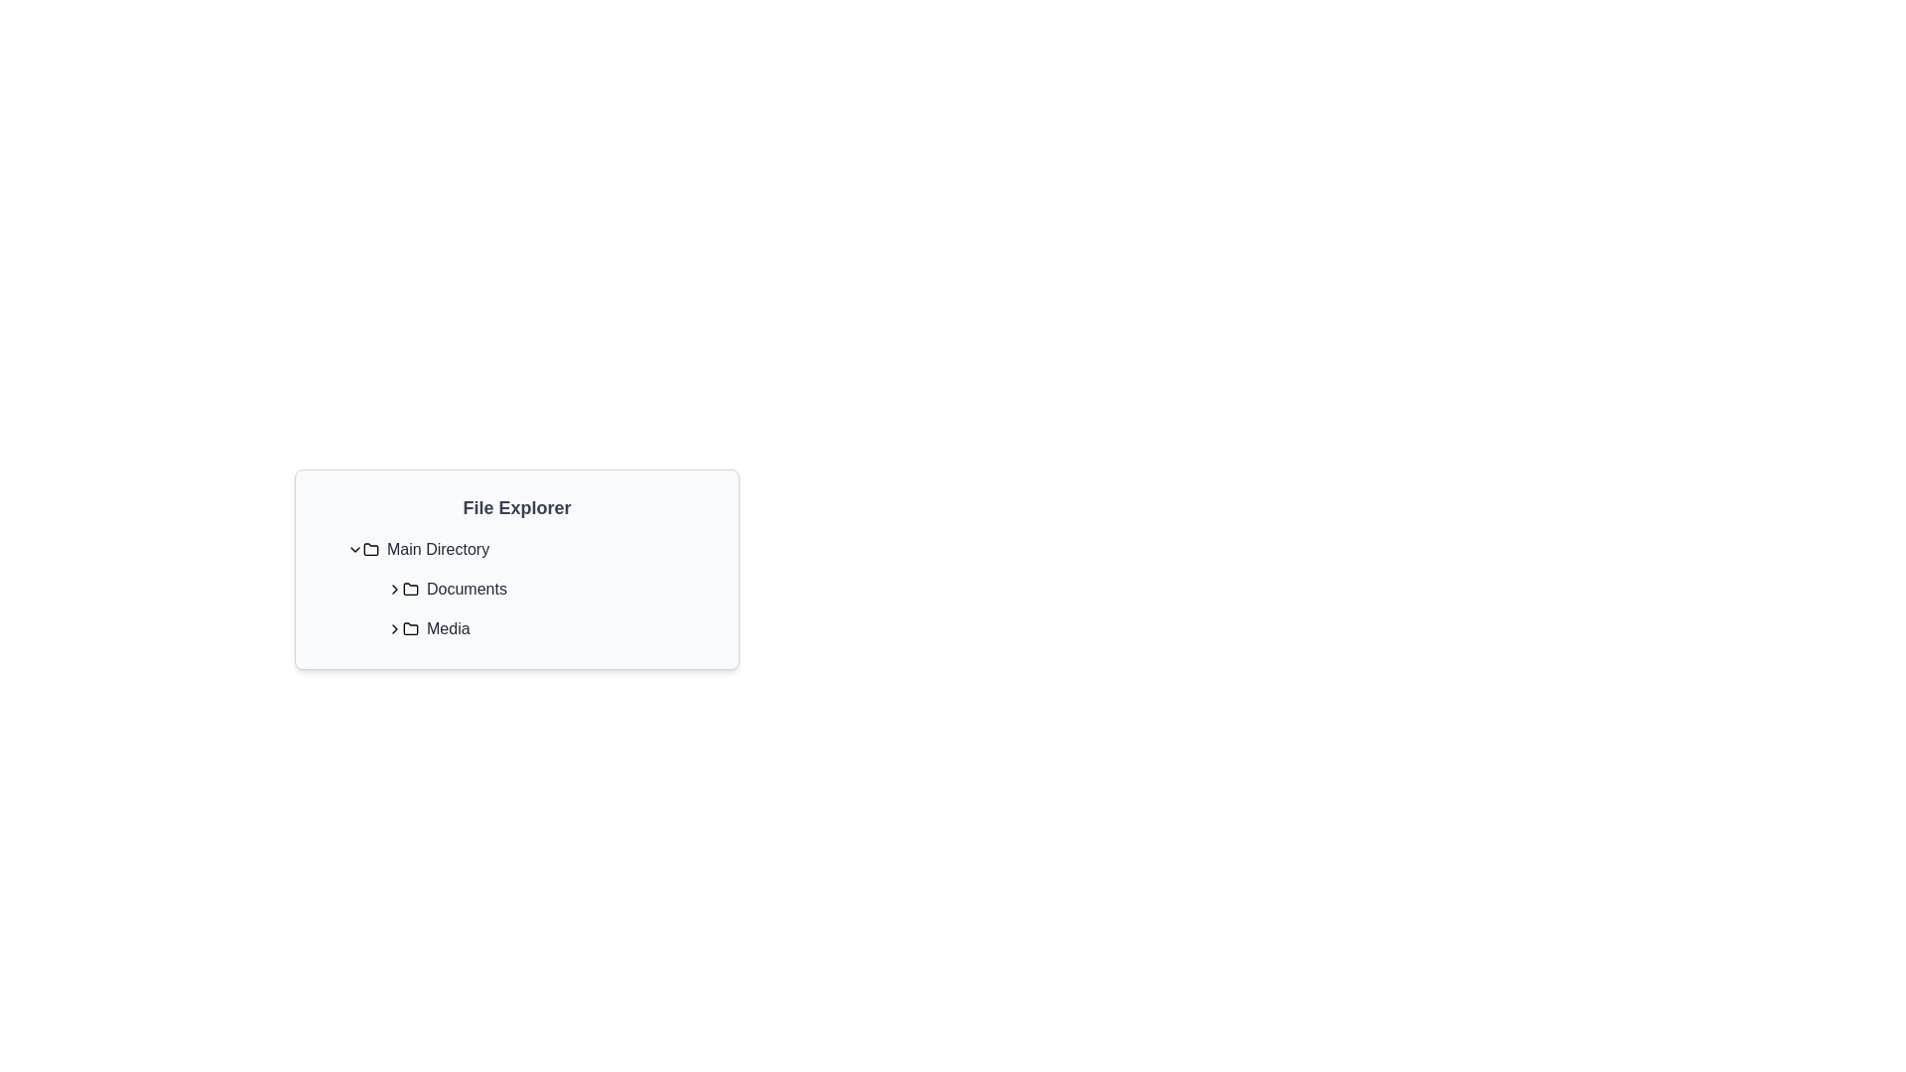 Image resolution: width=1906 pixels, height=1072 pixels. Describe the element at coordinates (371, 550) in the screenshot. I see `the folder icon representing the 'Main Directory' in the file explorer interface, located immediately to the right of the chevron icon` at that location.